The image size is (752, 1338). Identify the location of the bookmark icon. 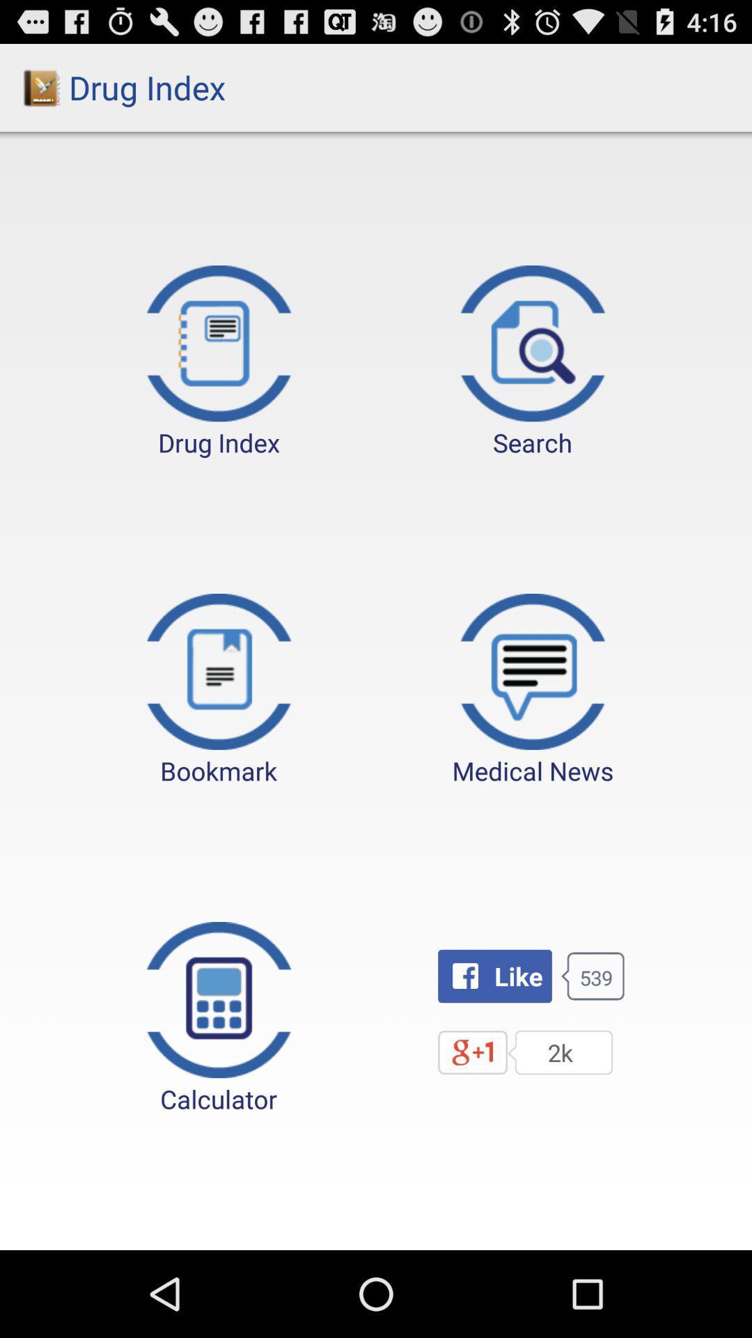
(219, 691).